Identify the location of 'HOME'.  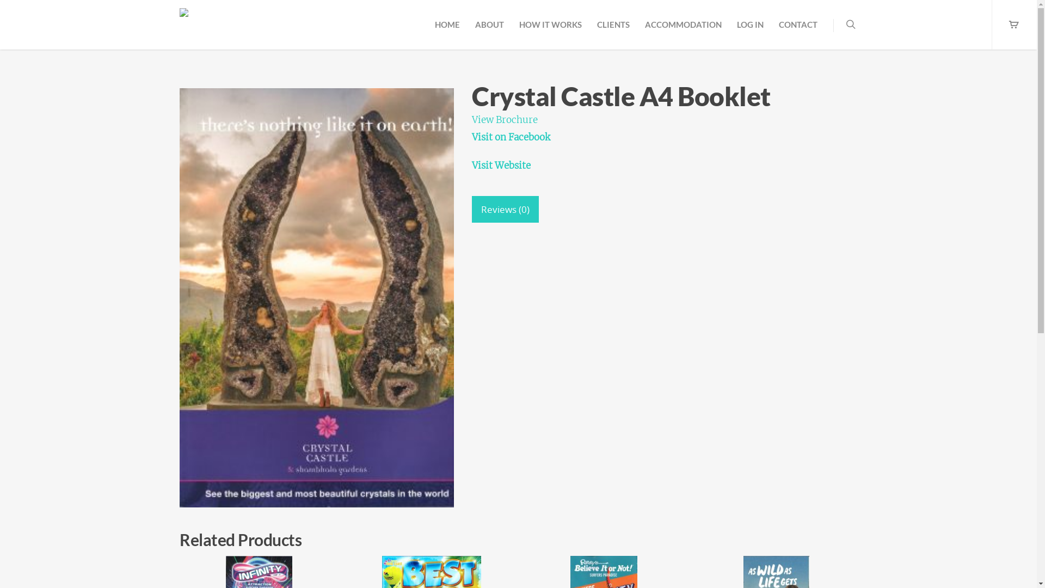
(427, 28).